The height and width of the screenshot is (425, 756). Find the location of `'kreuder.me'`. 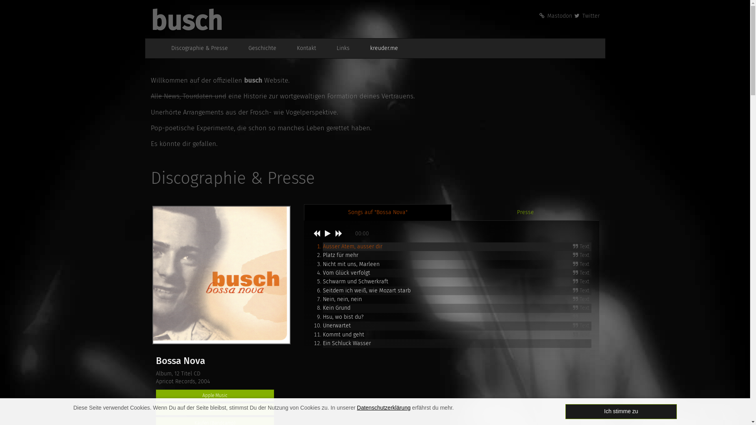

'kreuder.me' is located at coordinates (380, 48).